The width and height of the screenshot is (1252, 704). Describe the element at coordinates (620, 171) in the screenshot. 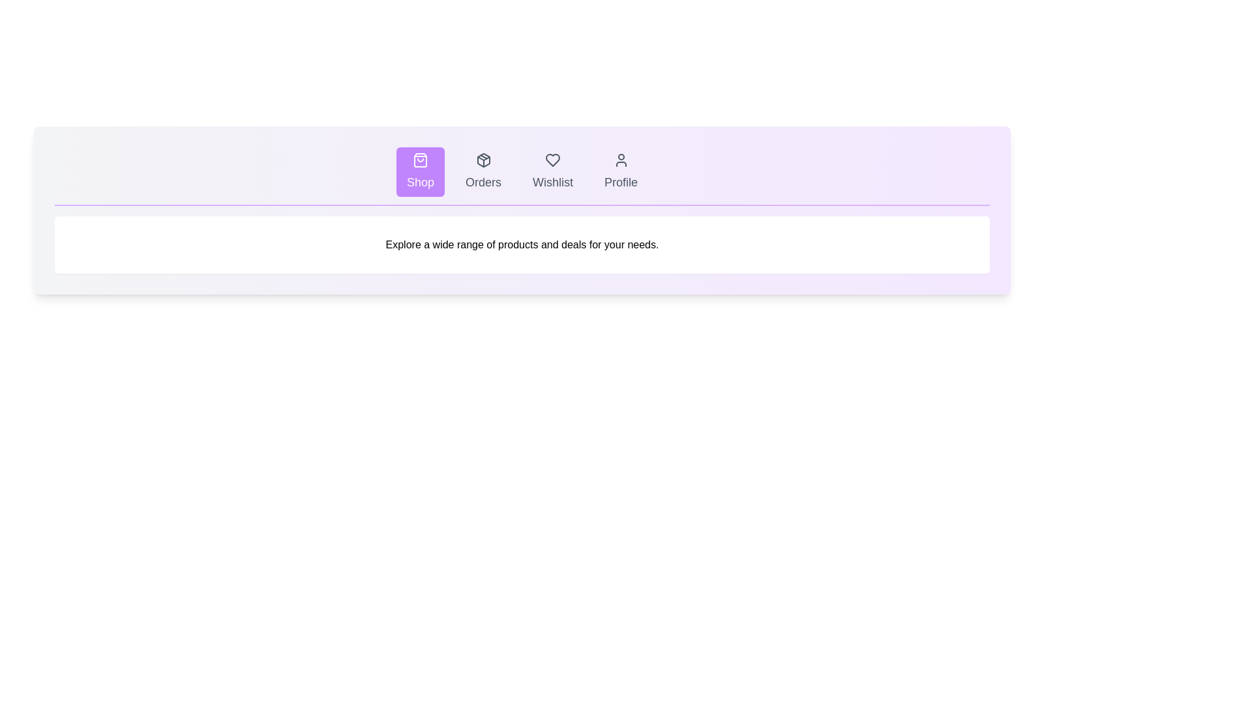

I see `the Profile tab to observe its hover effect` at that location.